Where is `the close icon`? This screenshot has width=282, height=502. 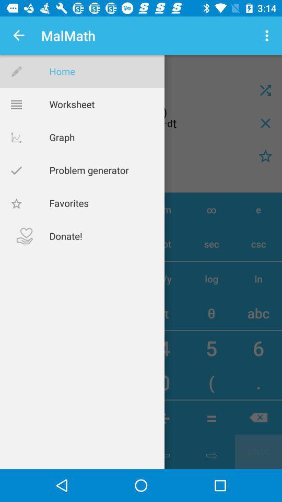 the close icon is located at coordinates (265, 89).